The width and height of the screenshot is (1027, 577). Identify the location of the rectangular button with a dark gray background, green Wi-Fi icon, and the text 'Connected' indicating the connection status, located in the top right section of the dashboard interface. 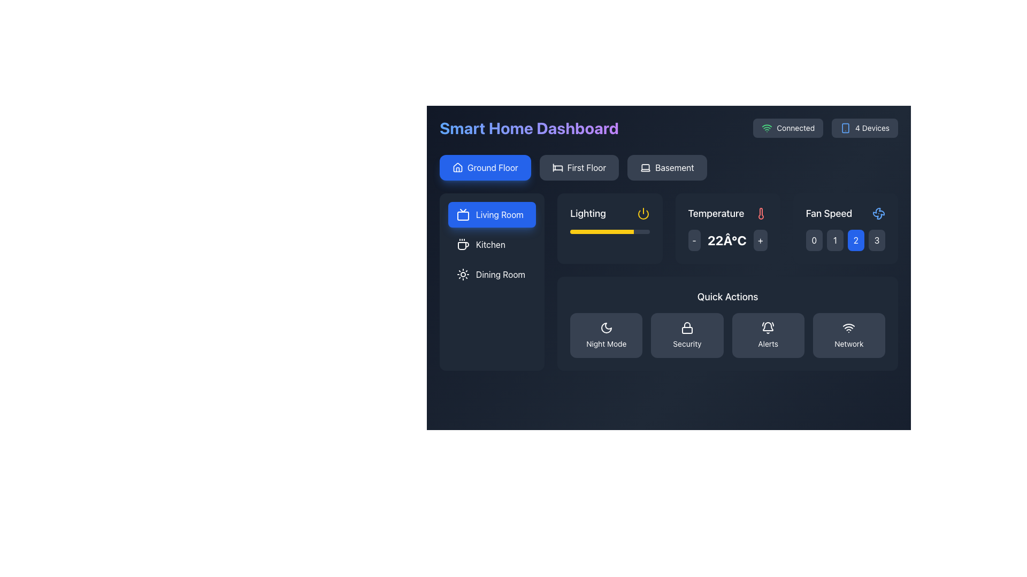
(788, 127).